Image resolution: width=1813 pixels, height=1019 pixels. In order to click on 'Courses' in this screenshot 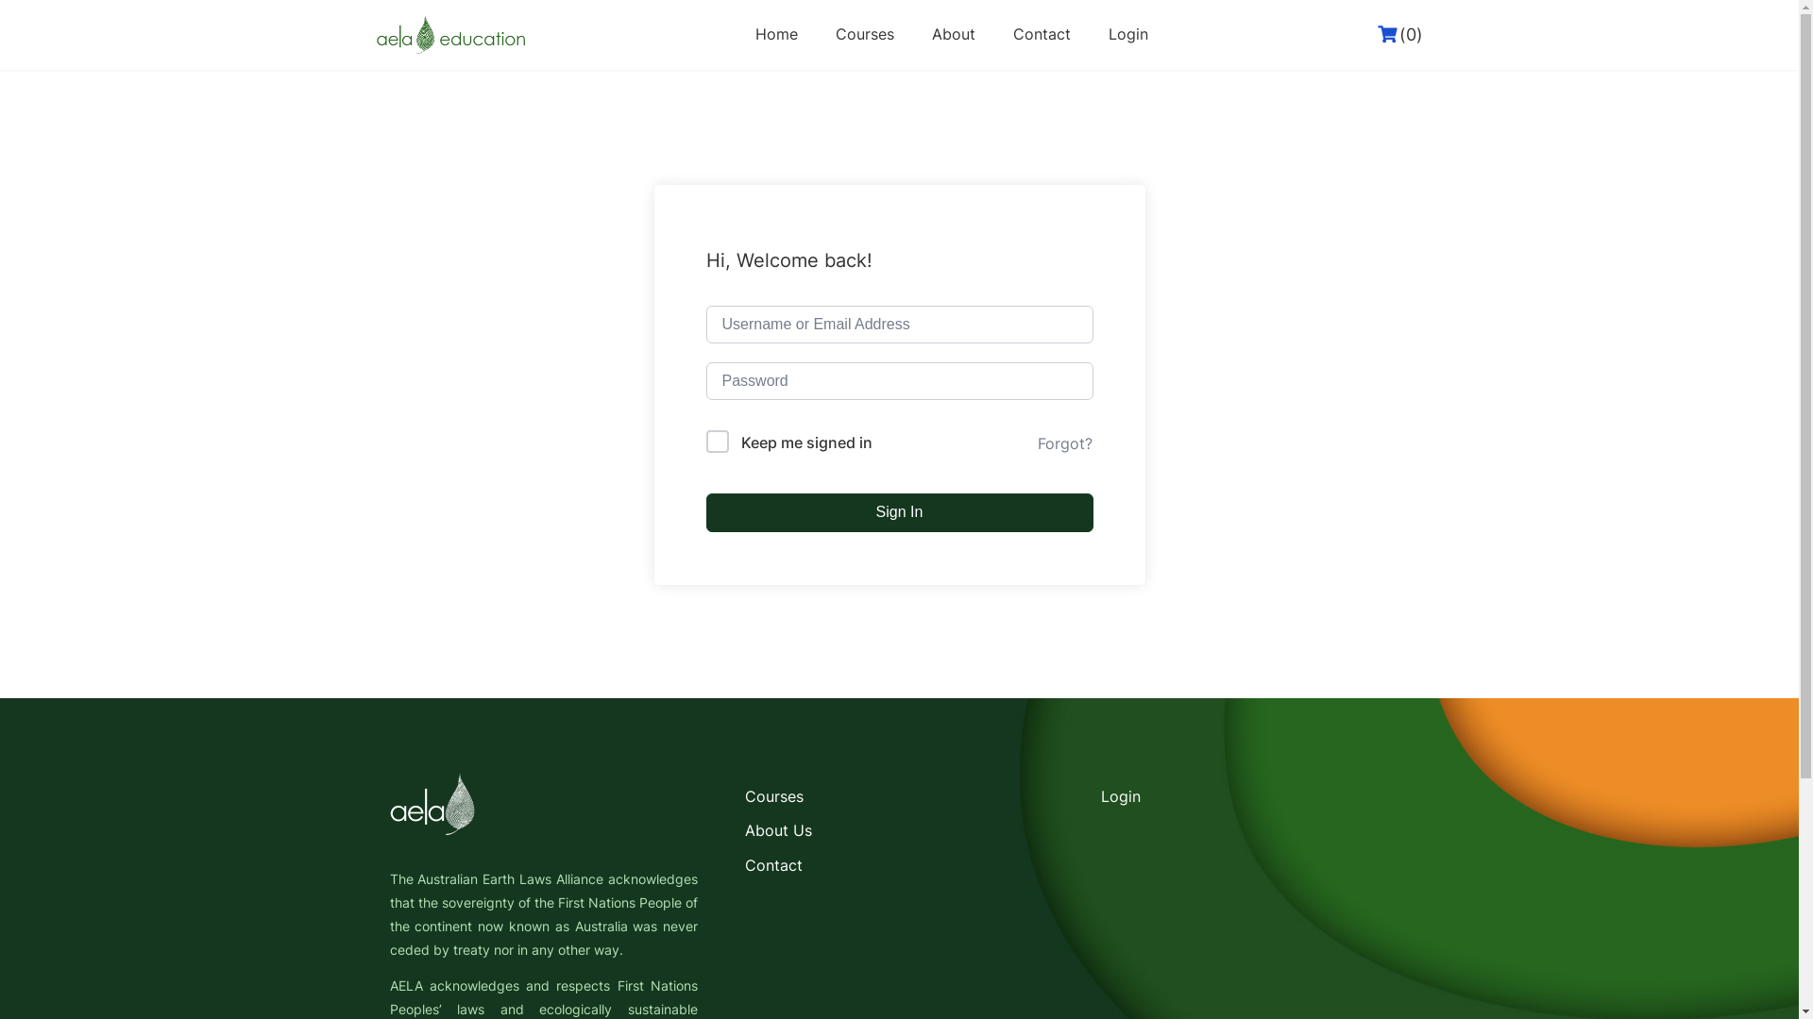, I will do `click(864, 34)`.